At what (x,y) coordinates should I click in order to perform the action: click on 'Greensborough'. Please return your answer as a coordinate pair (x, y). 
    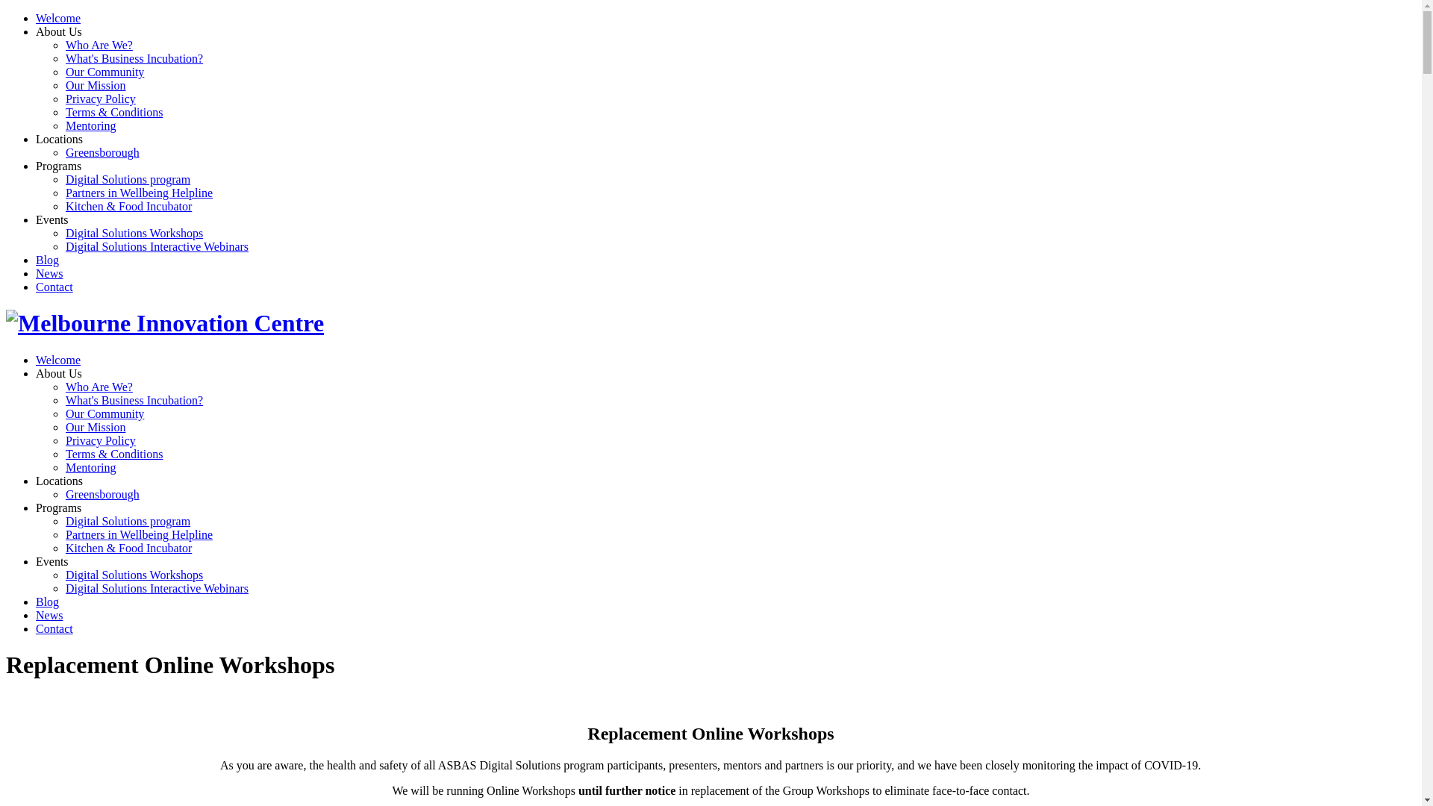
    Looking at the image, I should click on (102, 152).